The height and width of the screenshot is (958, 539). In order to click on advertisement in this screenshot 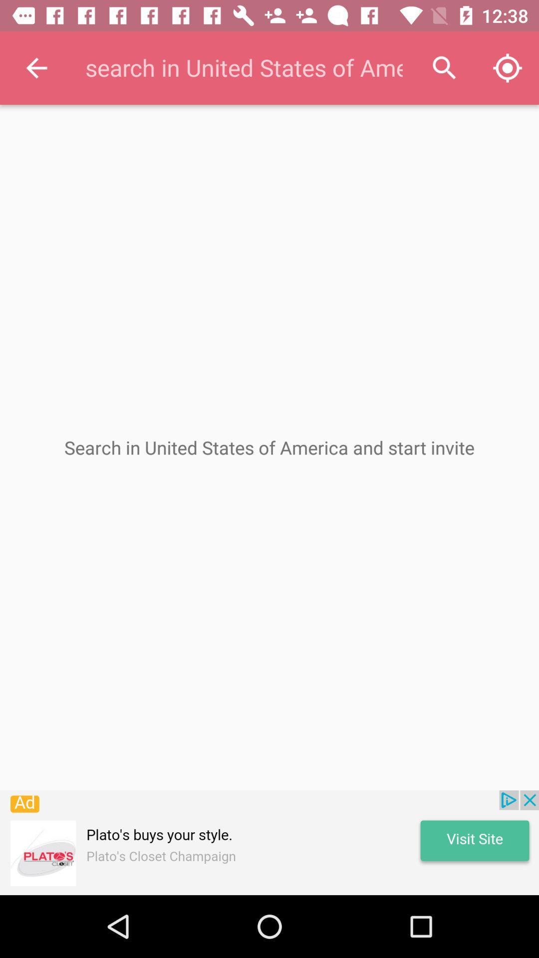, I will do `click(269, 842)`.